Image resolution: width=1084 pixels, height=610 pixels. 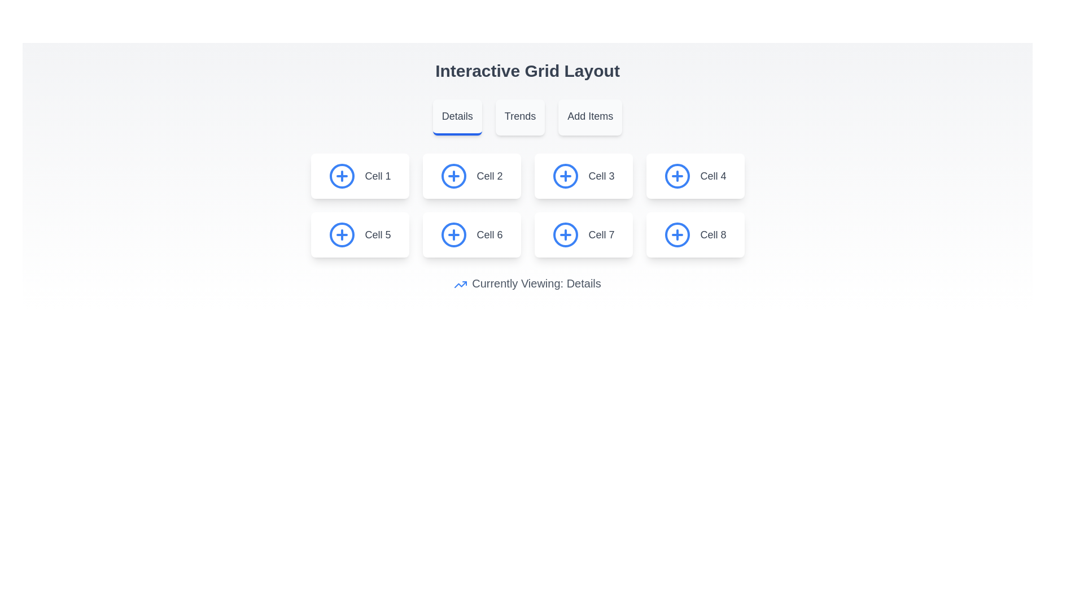 What do you see at coordinates (489, 234) in the screenshot?
I see `the text label indicating the title of the sixth grid item in the interface` at bounding box center [489, 234].